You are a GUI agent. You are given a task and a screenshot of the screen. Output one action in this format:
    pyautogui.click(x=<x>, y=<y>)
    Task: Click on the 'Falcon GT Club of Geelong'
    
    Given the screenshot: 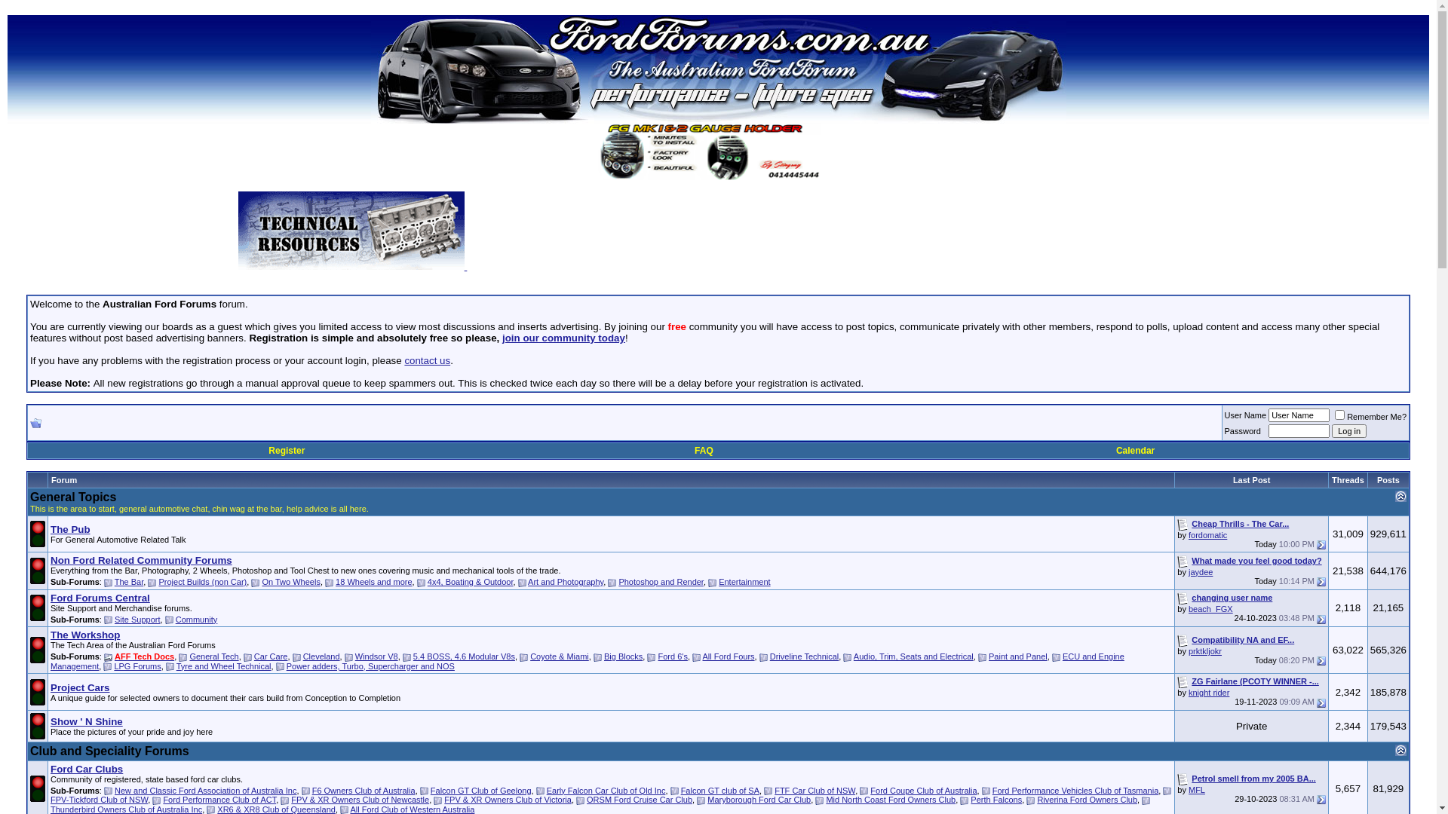 What is the action you would take?
    pyautogui.click(x=480, y=790)
    